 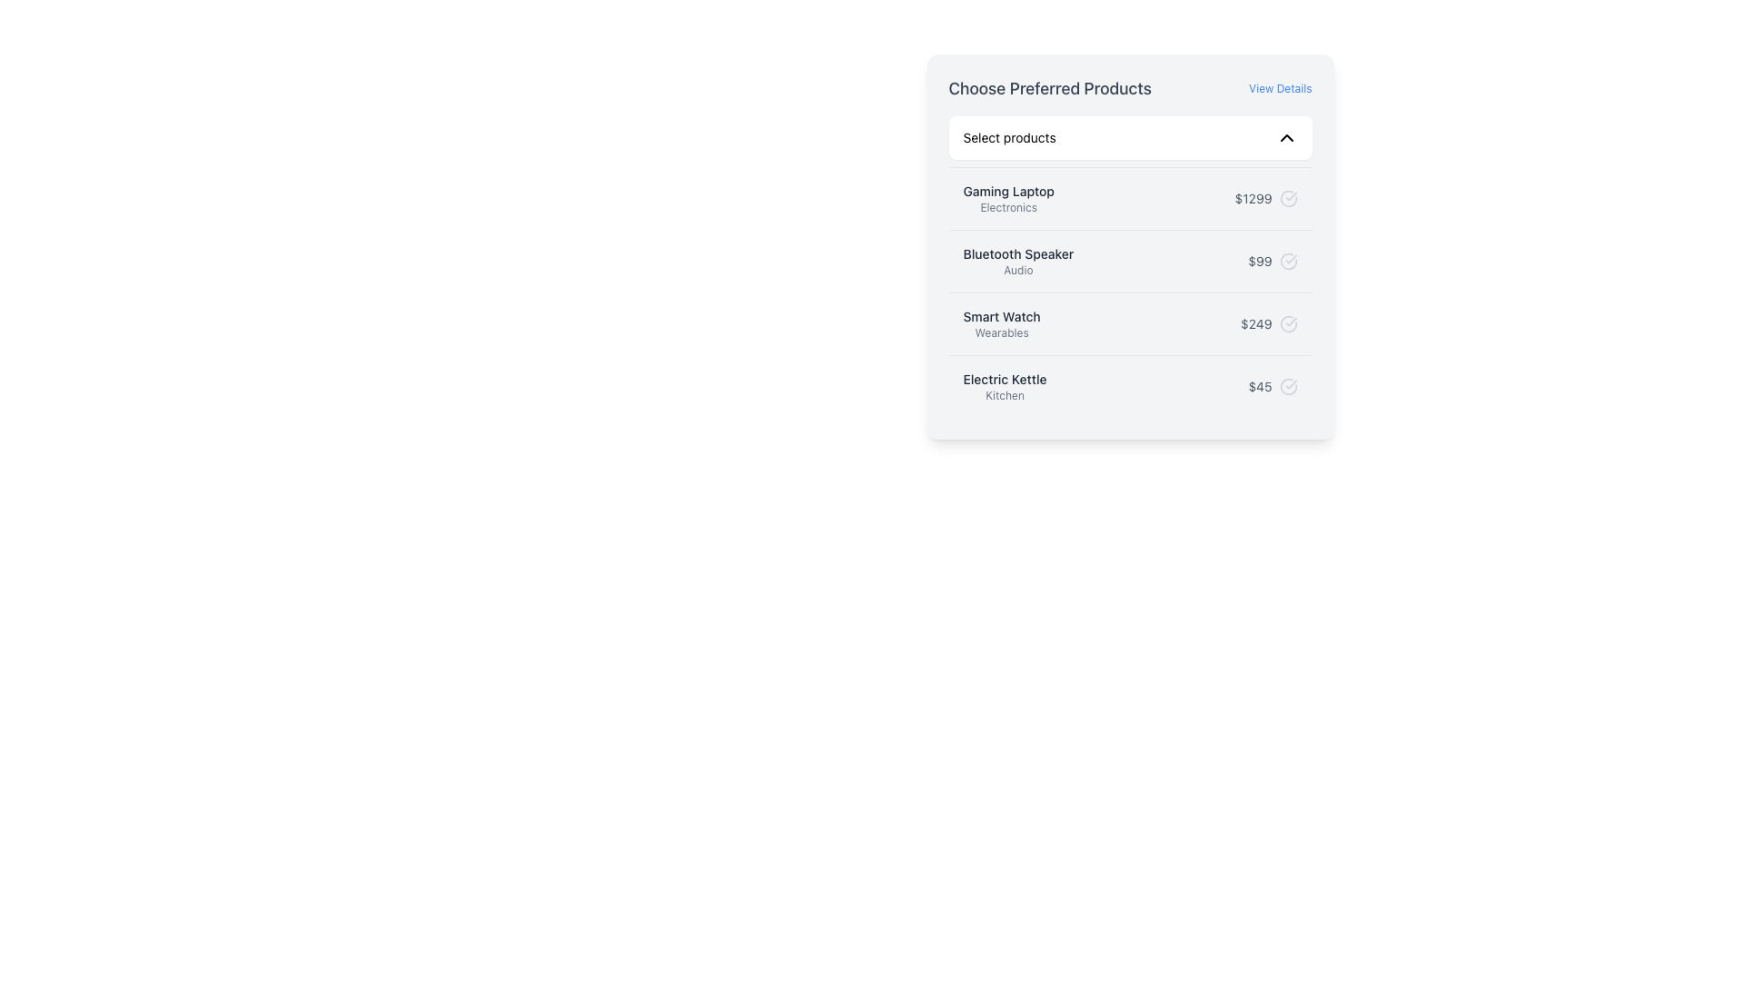 I want to click on the hyperlink located in the header section, aligned to the right, which provides access, so click(x=1279, y=88).